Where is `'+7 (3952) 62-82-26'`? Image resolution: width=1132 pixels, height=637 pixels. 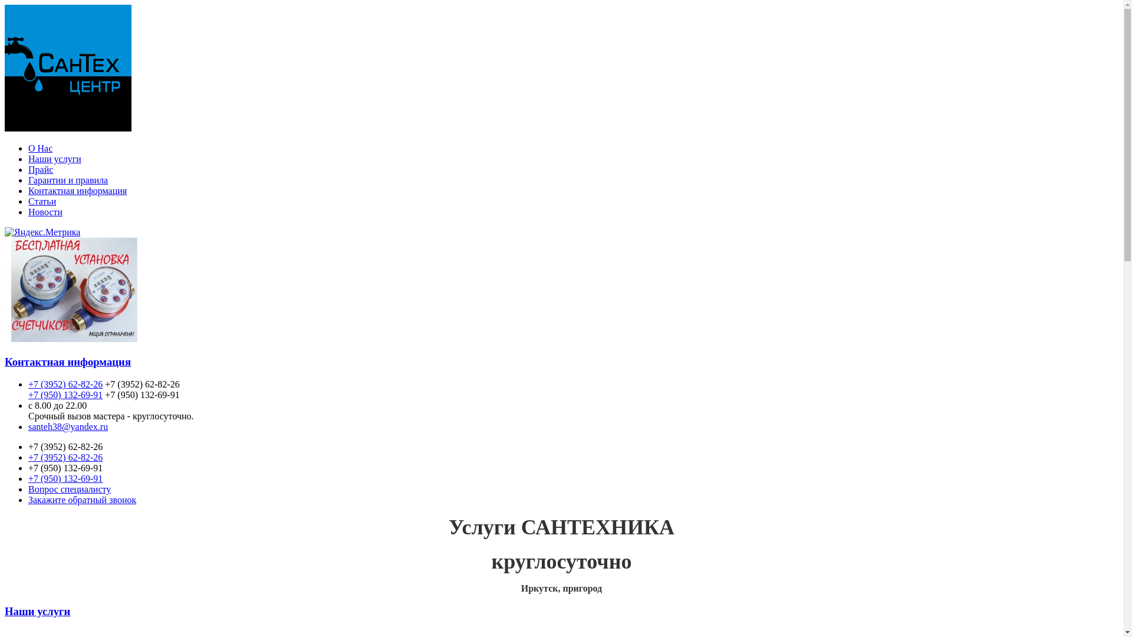
'+7 (3952) 62-82-26' is located at coordinates (64, 384).